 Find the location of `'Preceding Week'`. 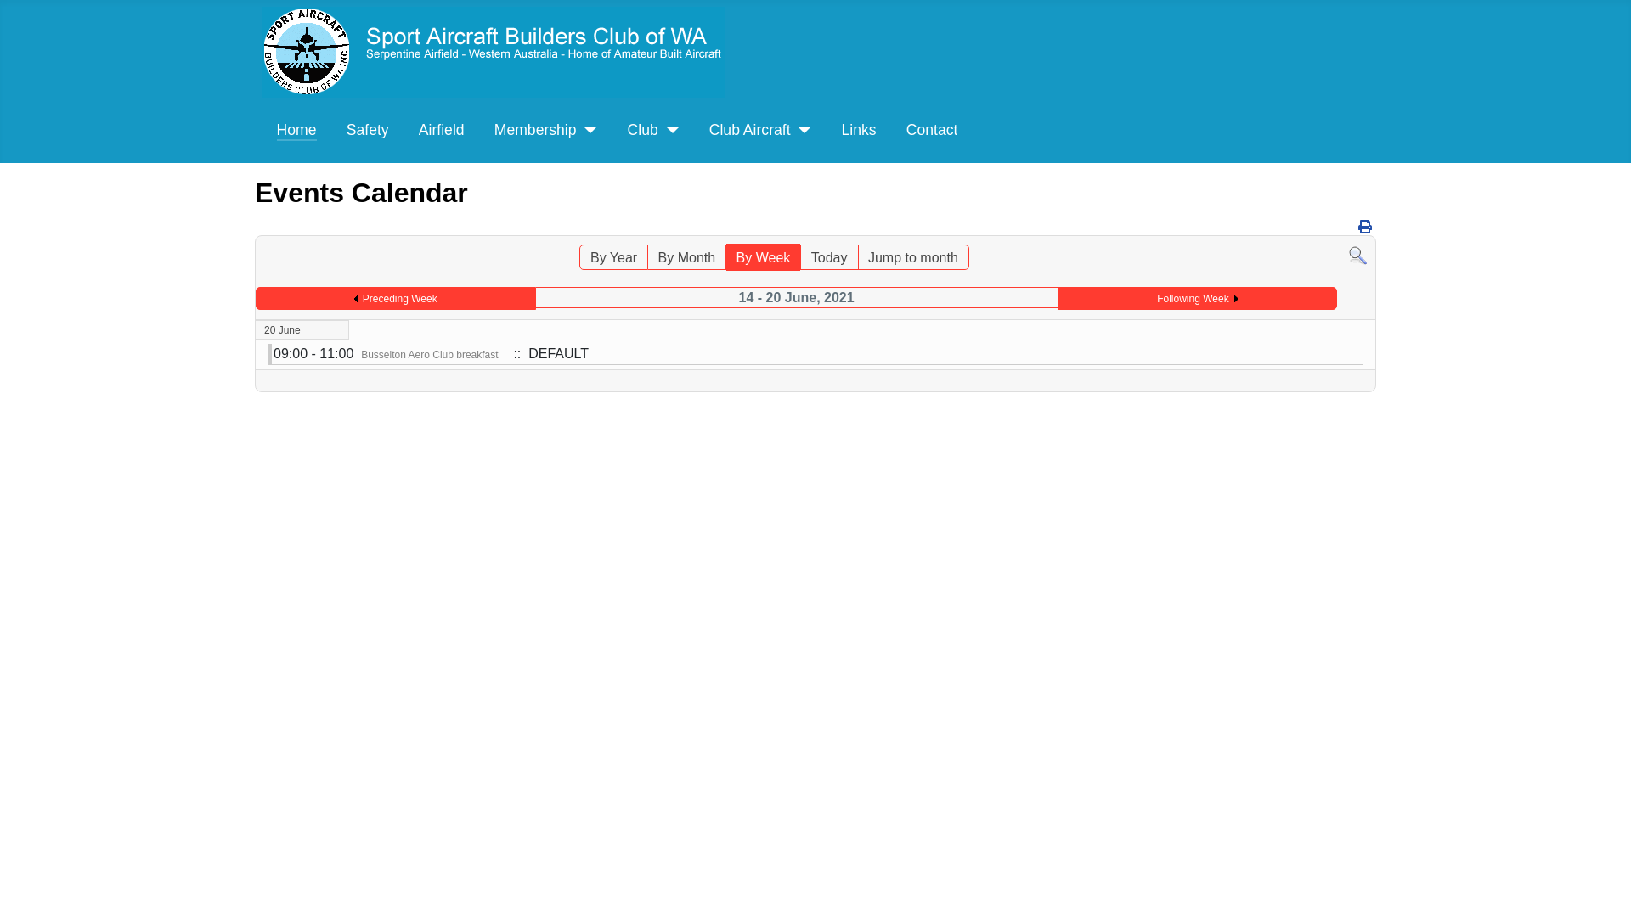

'Preceding Week' is located at coordinates (394, 297).